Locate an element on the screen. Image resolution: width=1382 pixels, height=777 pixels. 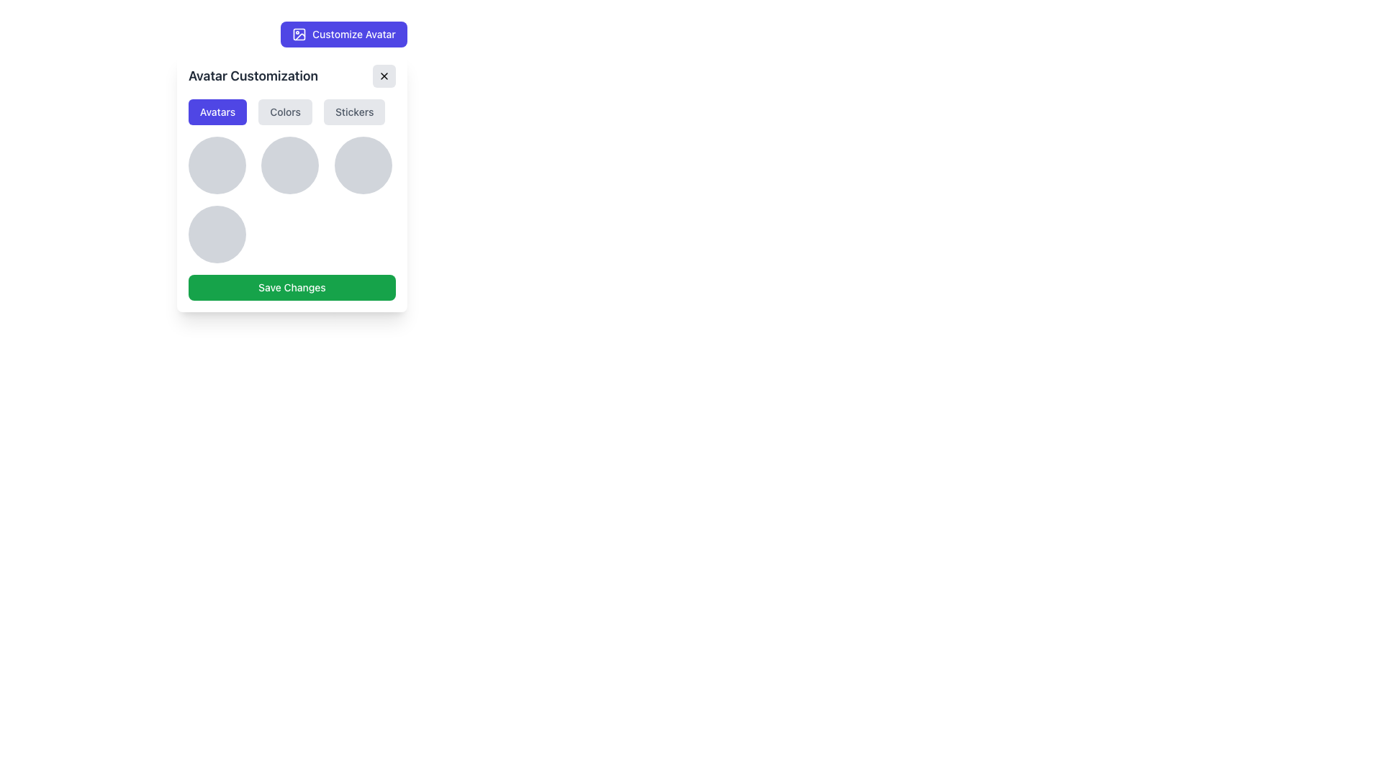
the 'Avatars' button, which is the first button in a customization modal with a purple background and white text is located at coordinates (217, 111).